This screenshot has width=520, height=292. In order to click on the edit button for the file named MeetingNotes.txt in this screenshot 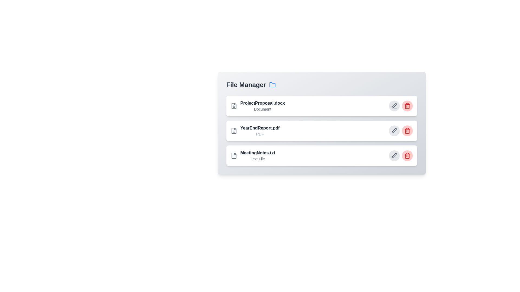, I will do `click(394, 155)`.